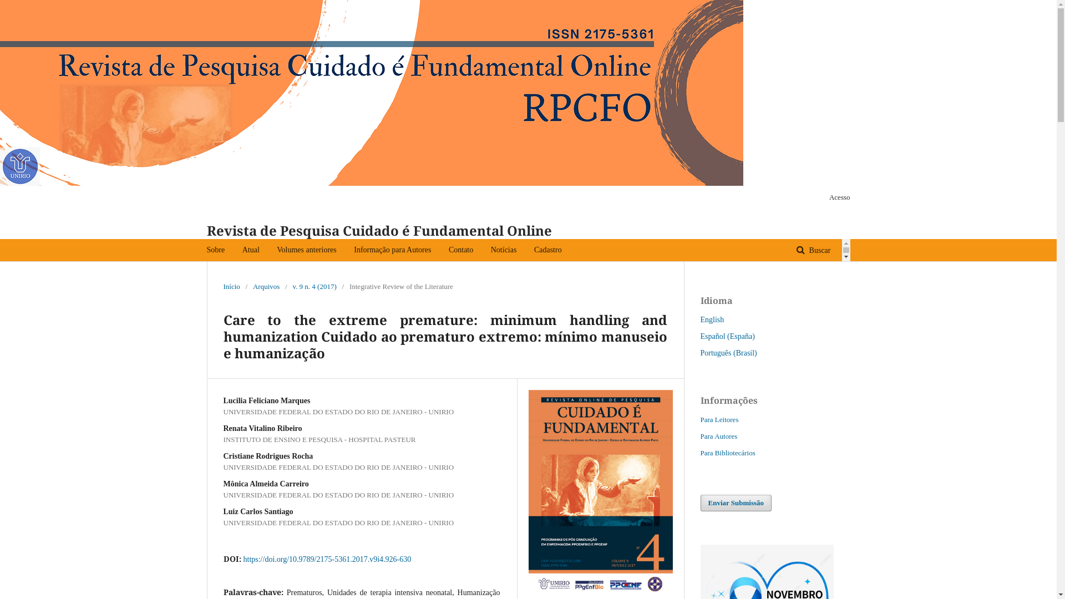  What do you see at coordinates (712, 319) in the screenshot?
I see `'English'` at bounding box center [712, 319].